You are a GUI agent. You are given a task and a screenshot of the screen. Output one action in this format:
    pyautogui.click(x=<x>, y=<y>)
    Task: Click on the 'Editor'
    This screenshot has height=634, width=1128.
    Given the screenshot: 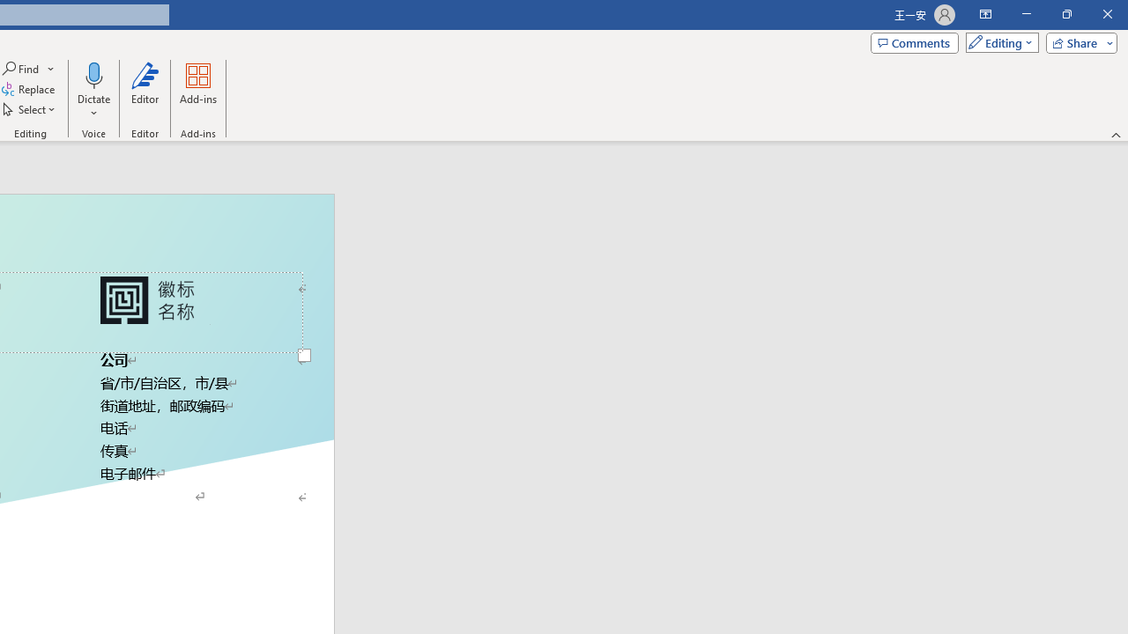 What is the action you would take?
    pyautogui.click(x=145, y=91)
    